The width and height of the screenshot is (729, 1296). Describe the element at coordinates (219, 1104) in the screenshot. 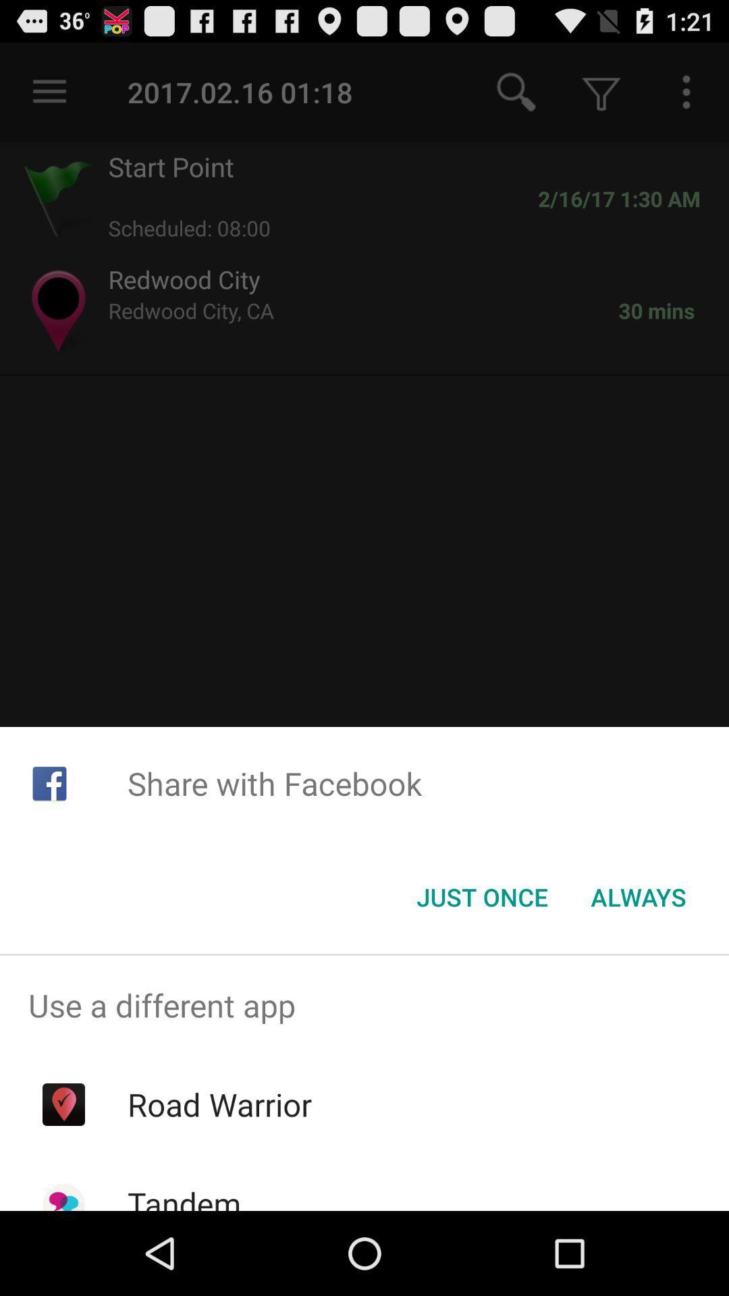

I see `the road warrior item` at that location.